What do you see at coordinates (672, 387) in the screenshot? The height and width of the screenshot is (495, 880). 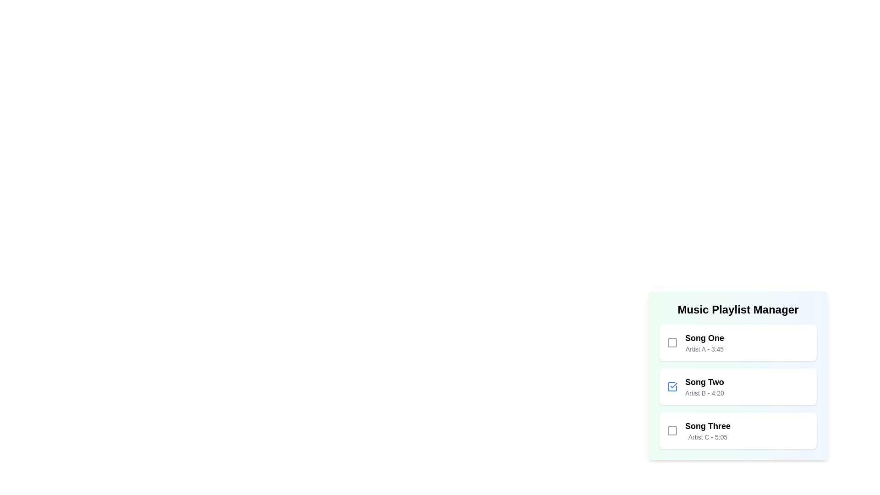 I see `the checkbox for 'Song Two'` at bounding box center [672, 387].